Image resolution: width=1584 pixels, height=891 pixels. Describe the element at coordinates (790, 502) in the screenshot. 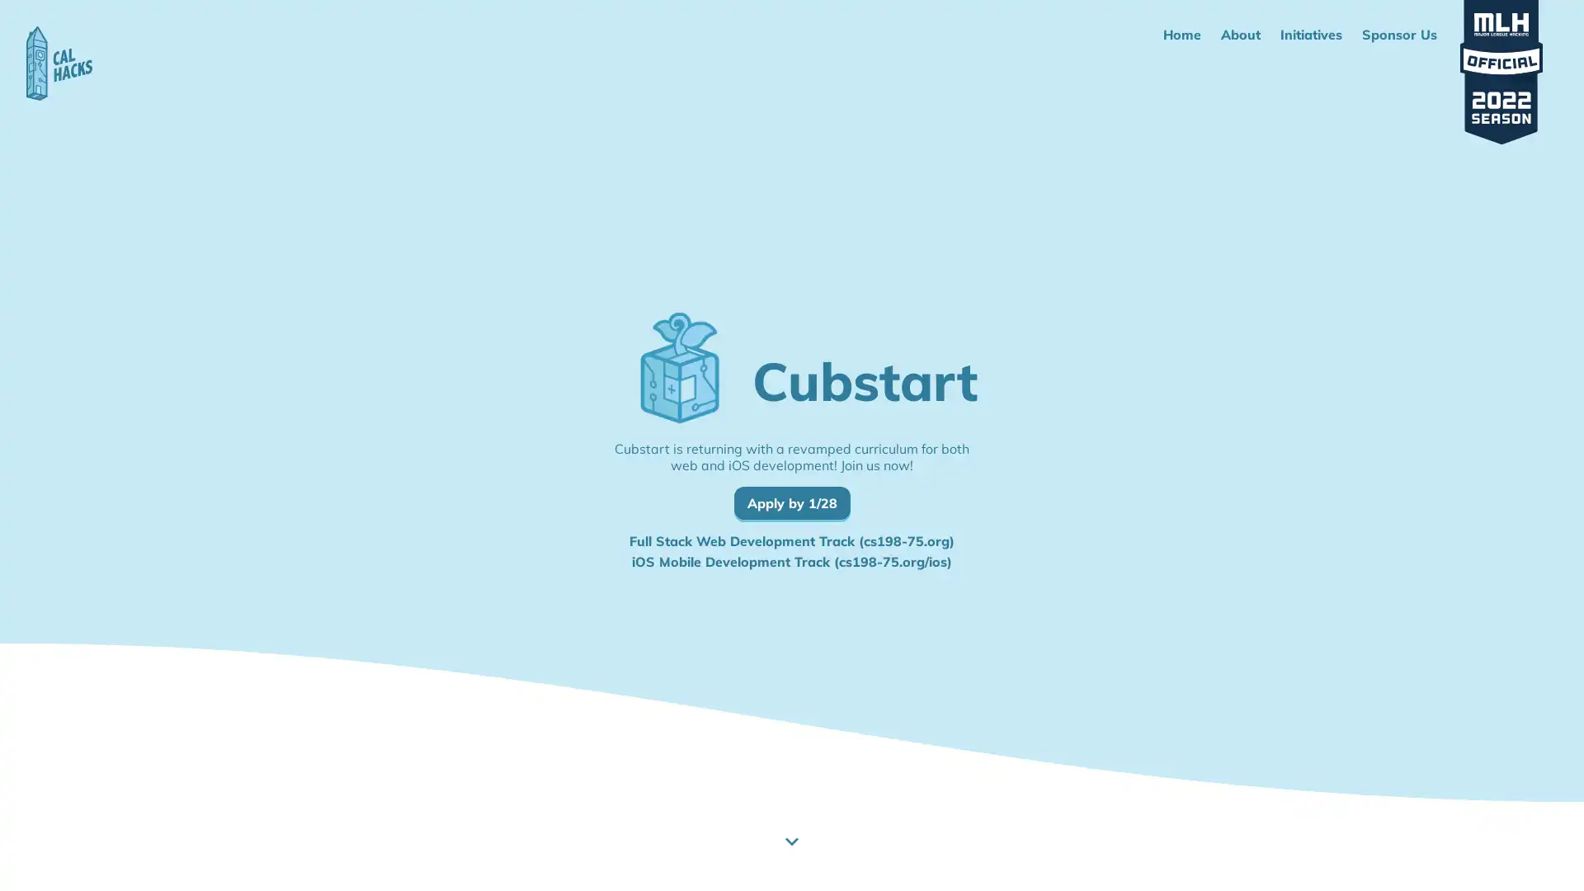

I see `Apply by 1/28` at that location.